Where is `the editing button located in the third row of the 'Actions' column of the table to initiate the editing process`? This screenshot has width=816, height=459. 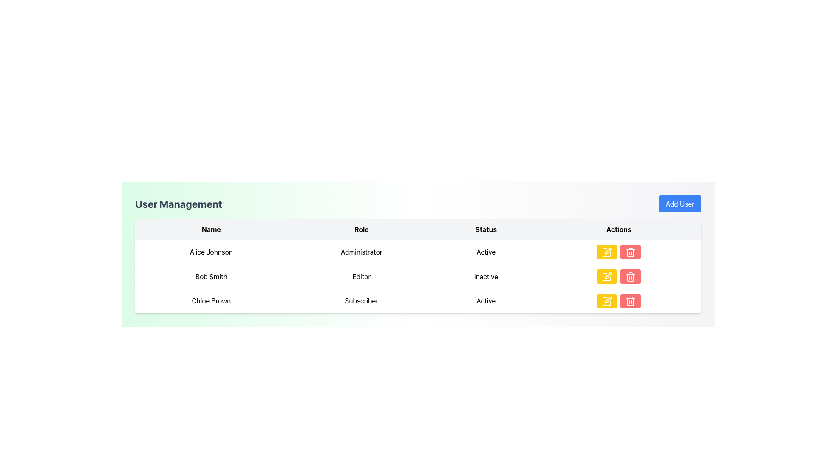
the editing button located in the third row of the 'Actions' column of the table to initiate the editing process is located at coordinates (606, 300).